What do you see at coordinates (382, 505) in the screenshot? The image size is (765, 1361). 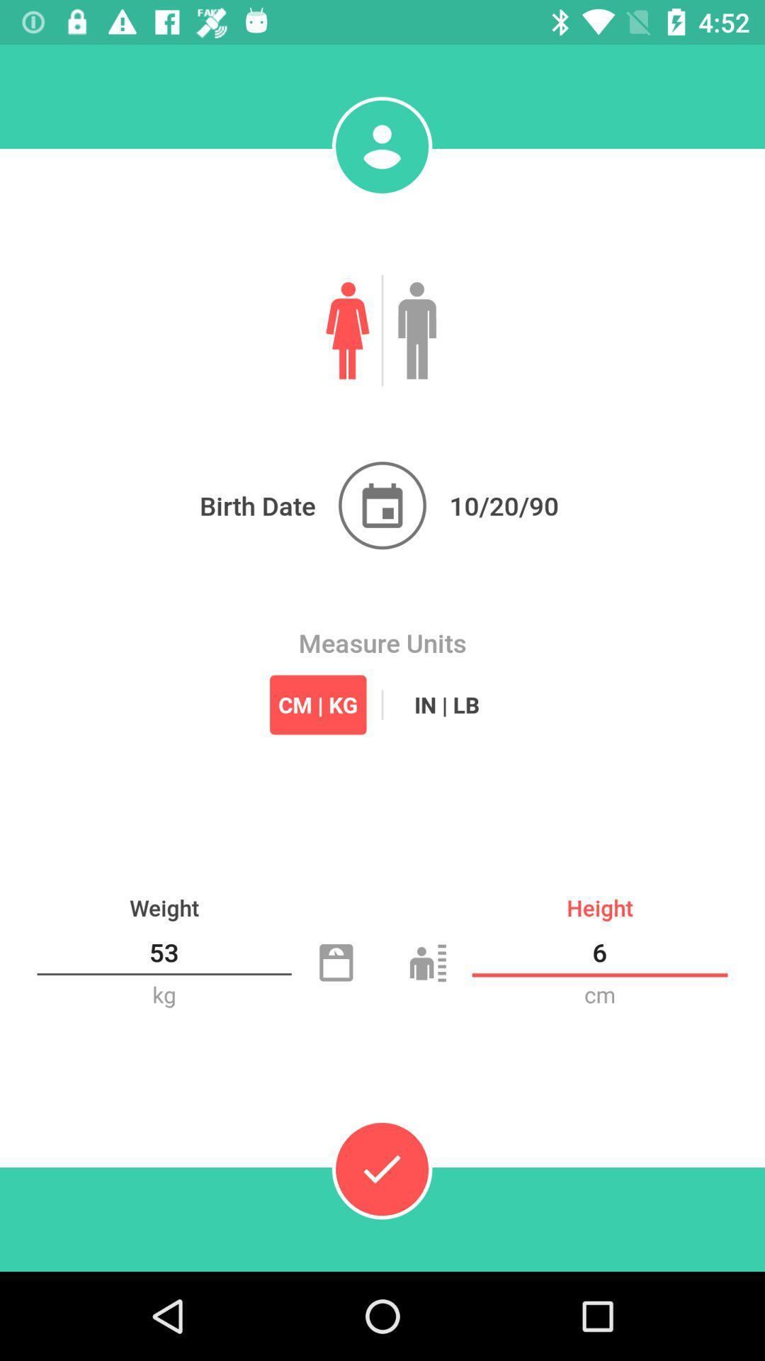 I see `your birth date` at bounding box center [382, 505].